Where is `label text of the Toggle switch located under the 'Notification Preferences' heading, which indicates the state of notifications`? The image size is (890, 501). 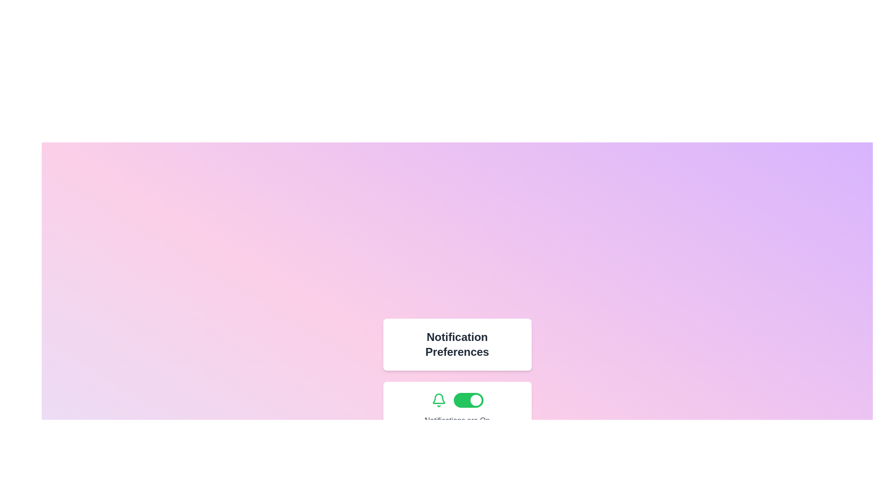 label text of the Toggle switch located under the 'Notification Preferences' heading, which indicates the state of notifications is located at coordinates (457, 409).